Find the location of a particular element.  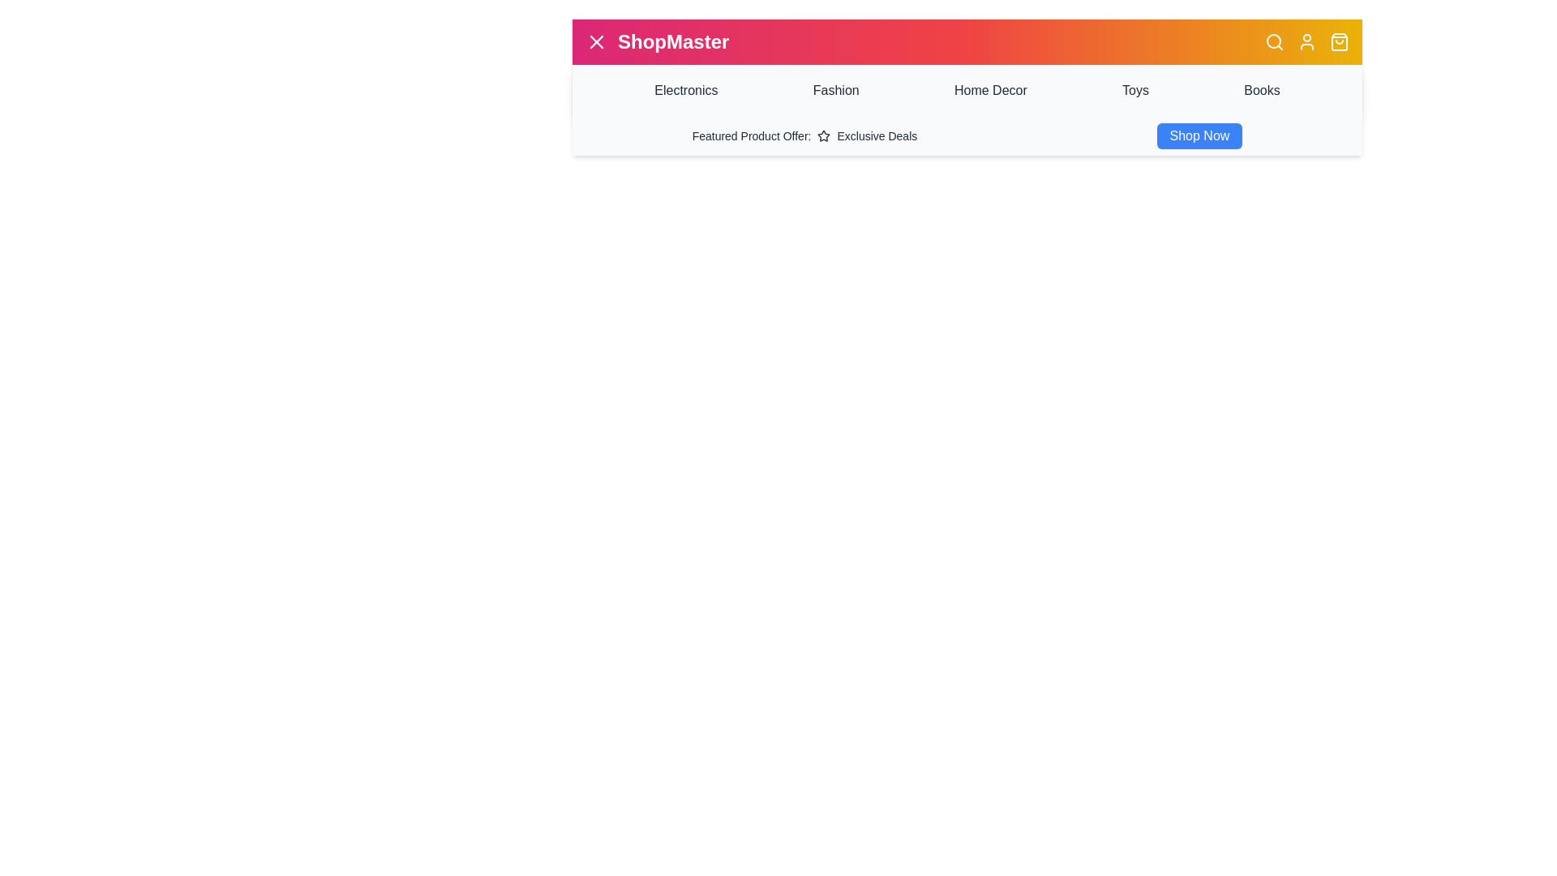

the 'Shop Now' button to view the featured product offers is located at coordinates (1199, 135).